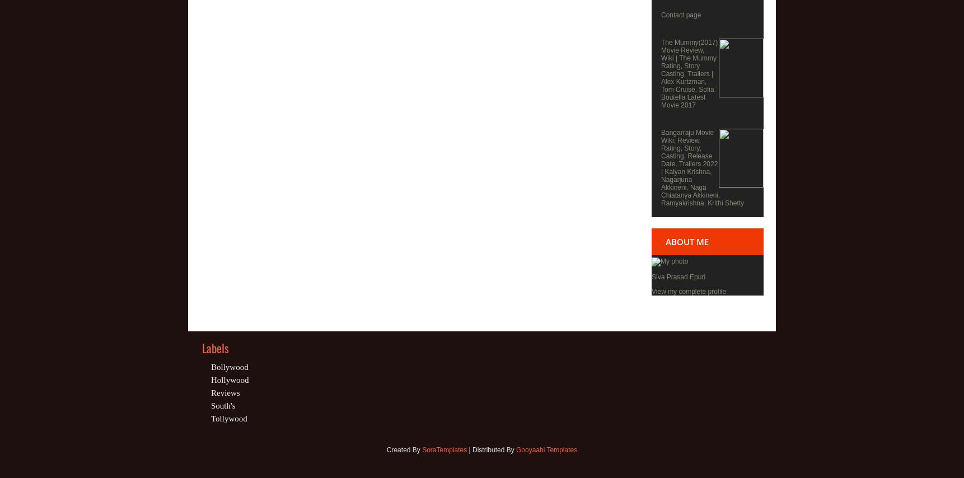  What do you see at coordinates (702, 167) in the screenshot?
I see `'Bangarraju Movie Wiki, Review, Rating, Story, Casting, Release Date, Trailers 2022 | Kalyan Krishna, Nagarjuna Akkineni, Naga Chiatanya Akkineni, Ramyakrishna, Krithi Shetty'` at bounding box center [702, 167].